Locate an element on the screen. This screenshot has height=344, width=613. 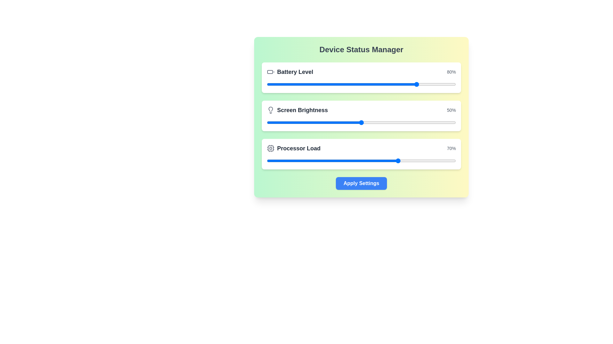
the battery level slider is located at coordinates (335, 84).